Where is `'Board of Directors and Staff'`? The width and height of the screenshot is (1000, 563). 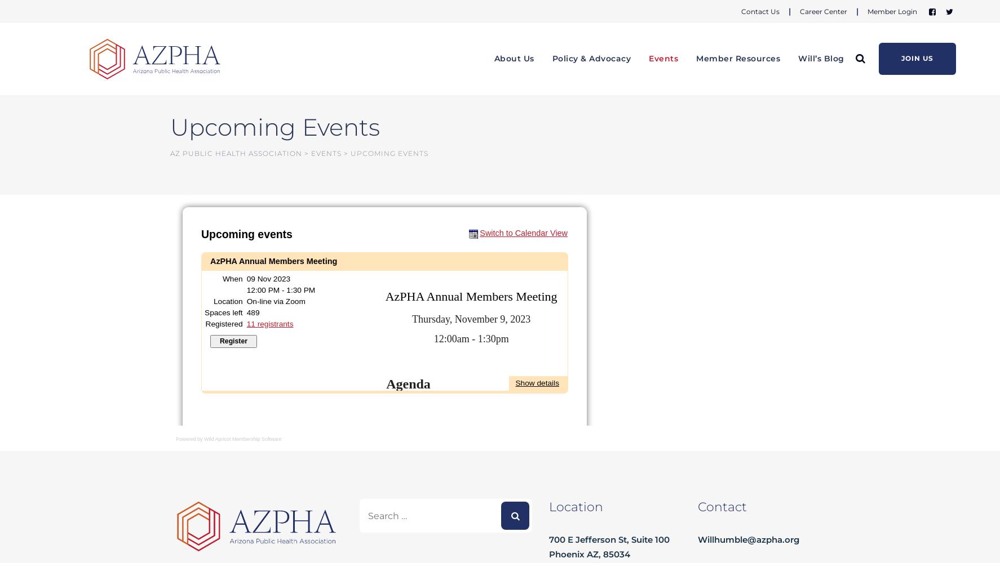 'Board of Directors and Staff' is located at coordinates (548, 109).